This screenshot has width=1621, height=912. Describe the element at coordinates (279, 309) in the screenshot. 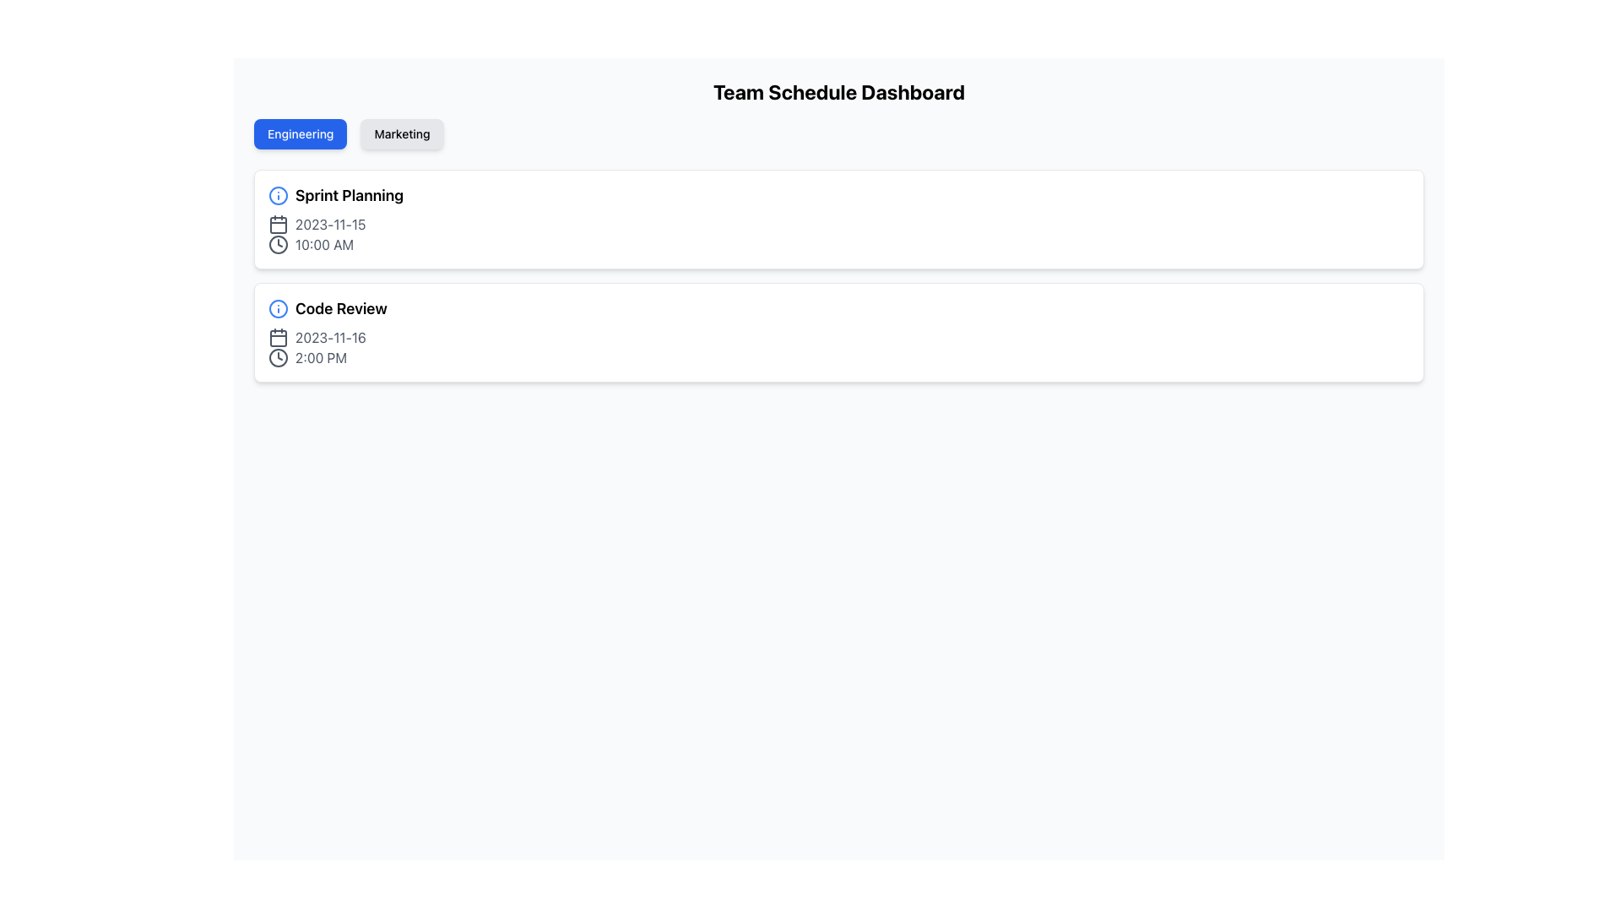

I see `the informational icon located inside the 'Code Review' section, to the left of the text 'Code Review'` at that location.